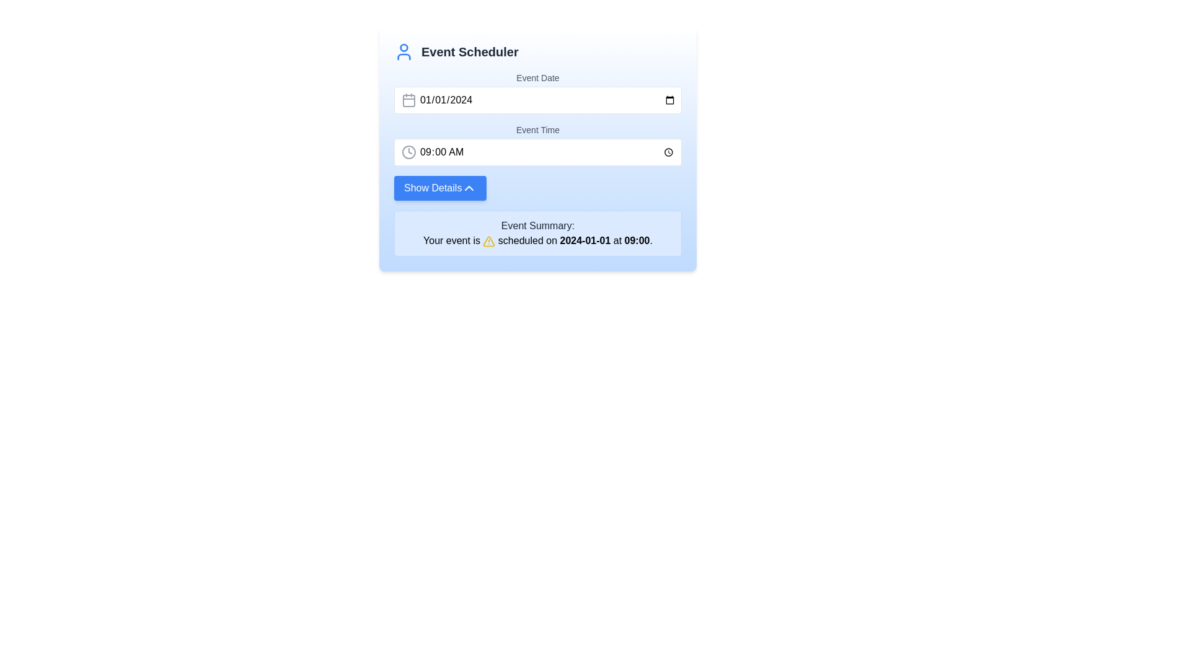 The width and height of the screenshot is (1190, 669). What do you see at coordinates (409, 152) in the screenshot?
I see `the clock icon located to the left of the '09:00 AM' input box in the 'Event Time' section` at bounding box center [409, 152].